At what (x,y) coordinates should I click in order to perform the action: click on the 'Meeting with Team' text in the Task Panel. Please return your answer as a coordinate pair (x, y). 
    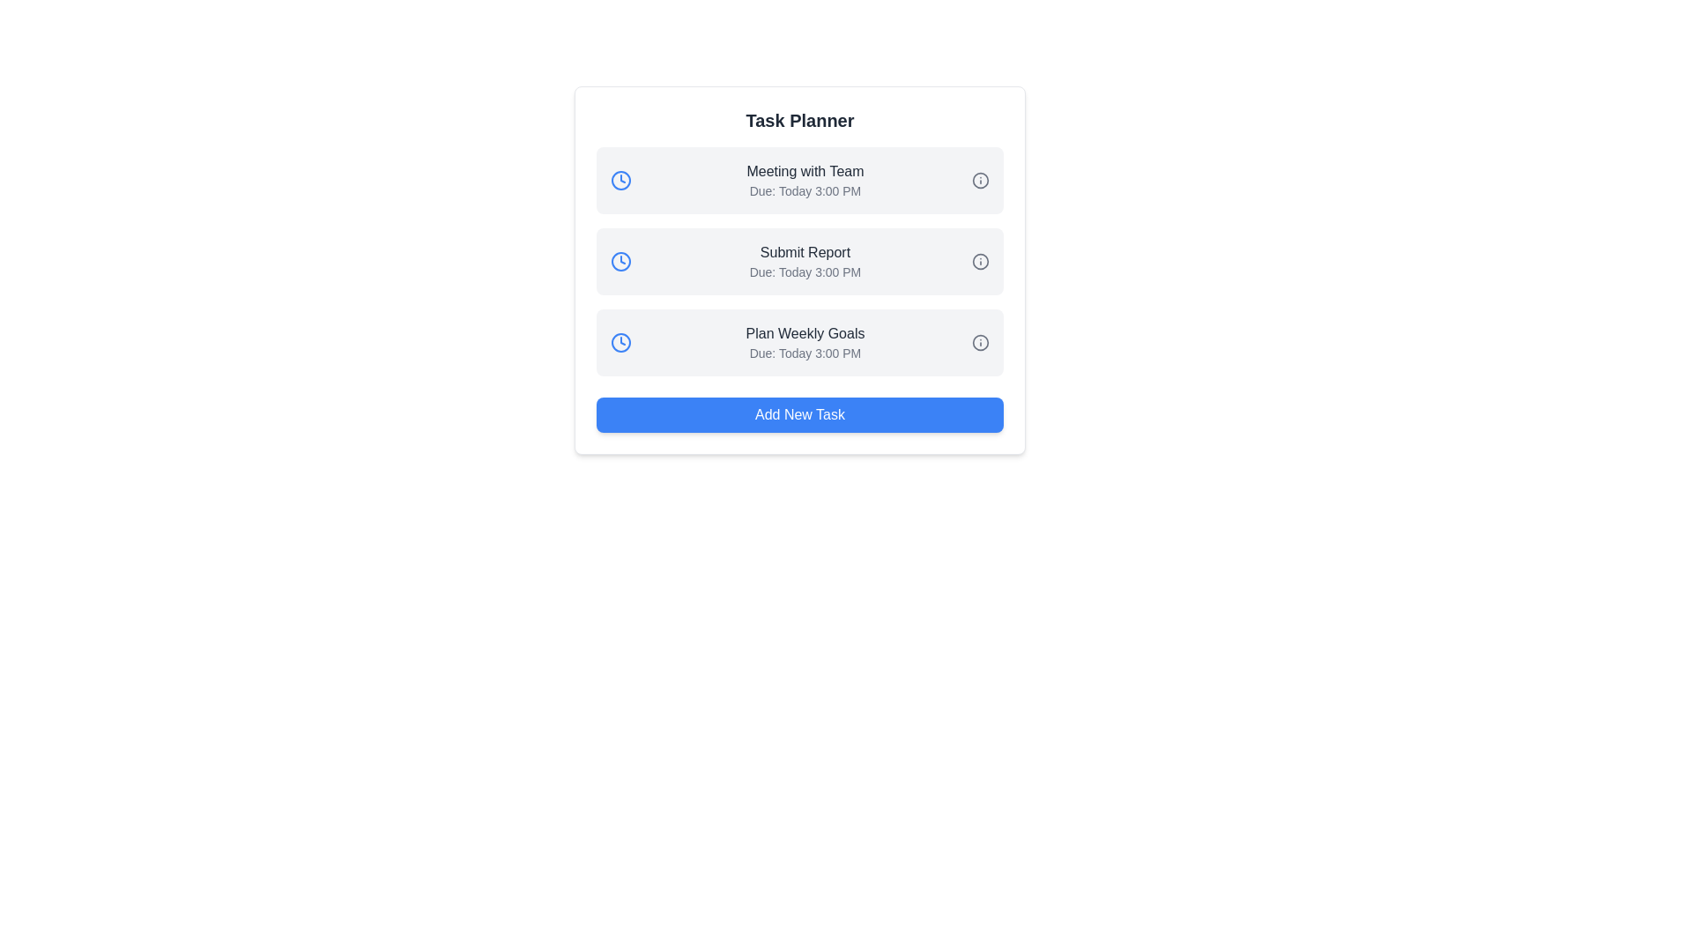
    Looking at the image, I should click on (798, 180).